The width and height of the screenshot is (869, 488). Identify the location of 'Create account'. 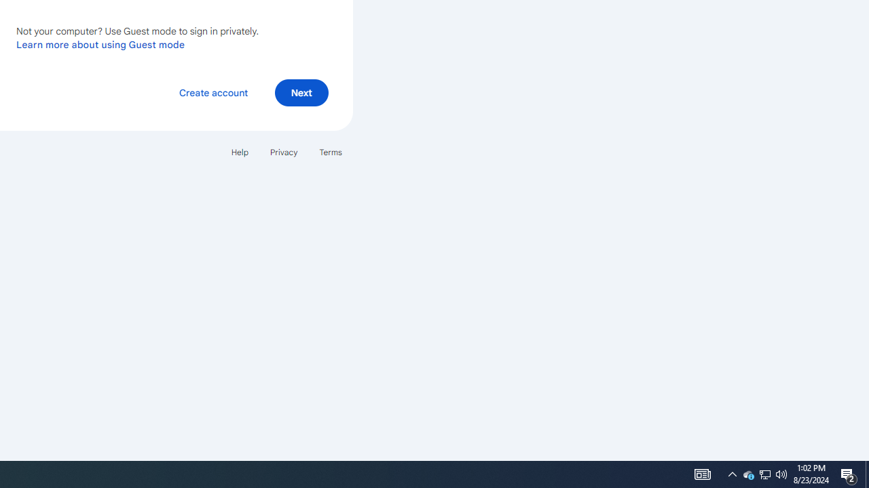
(212, 91).